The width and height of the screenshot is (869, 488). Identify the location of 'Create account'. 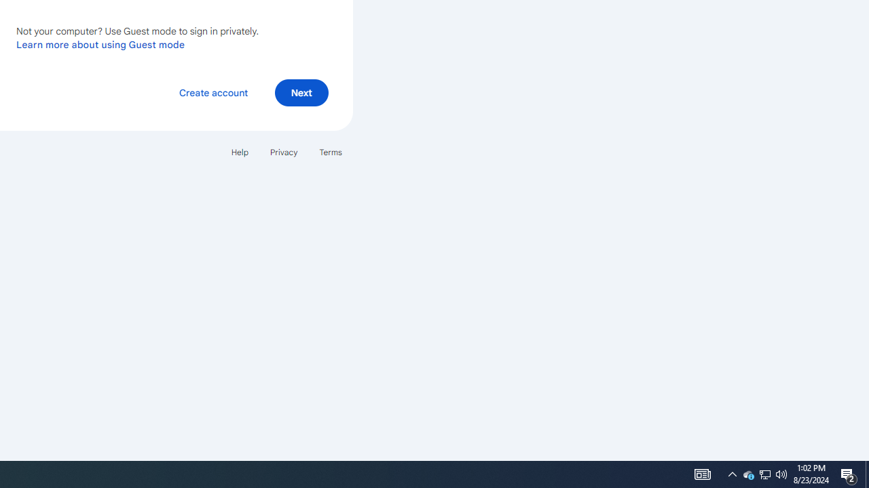
(212, 91).